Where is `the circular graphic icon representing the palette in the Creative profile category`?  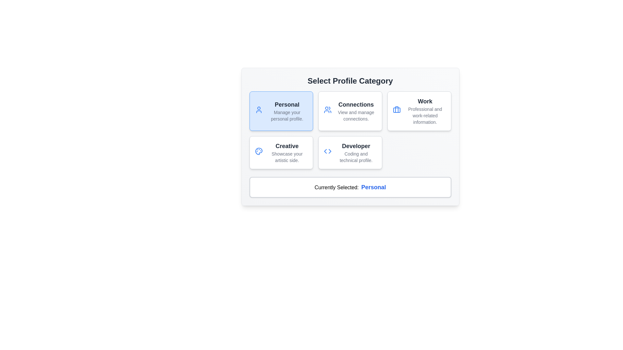 the circular graphic icon representing the palette in the Creative profile category is located at coordinates (258, 151).